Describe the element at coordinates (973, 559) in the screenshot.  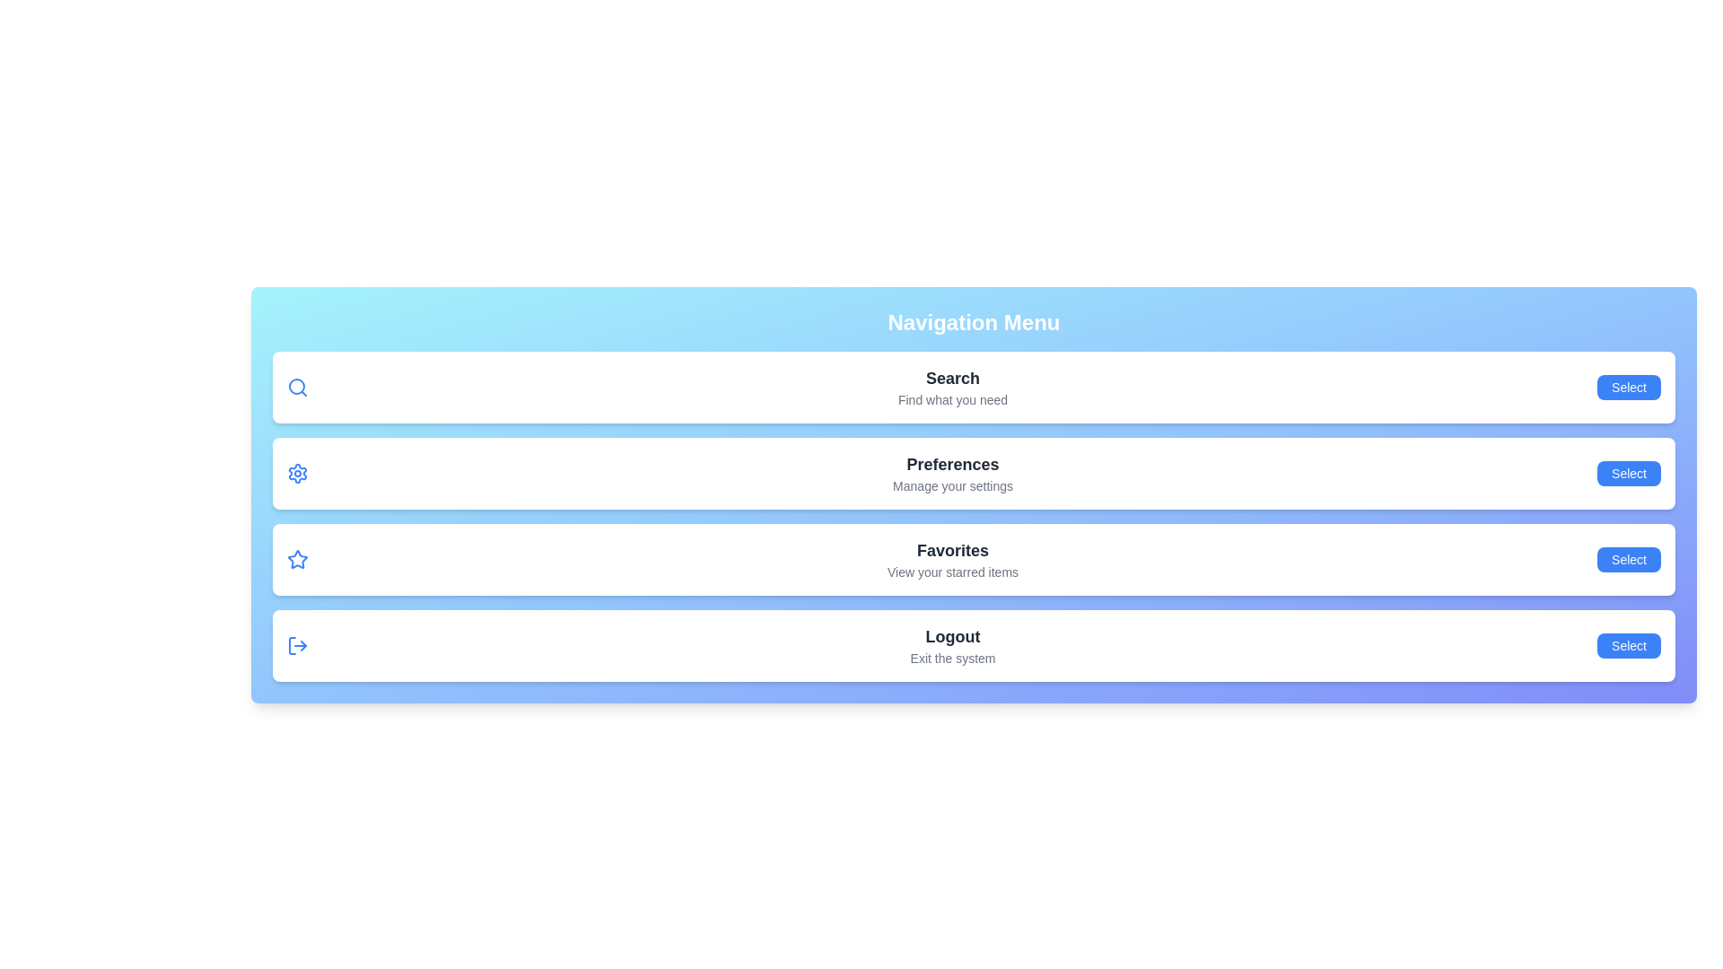
I see `the menu item Favorites to observe its hover effect` at that location.